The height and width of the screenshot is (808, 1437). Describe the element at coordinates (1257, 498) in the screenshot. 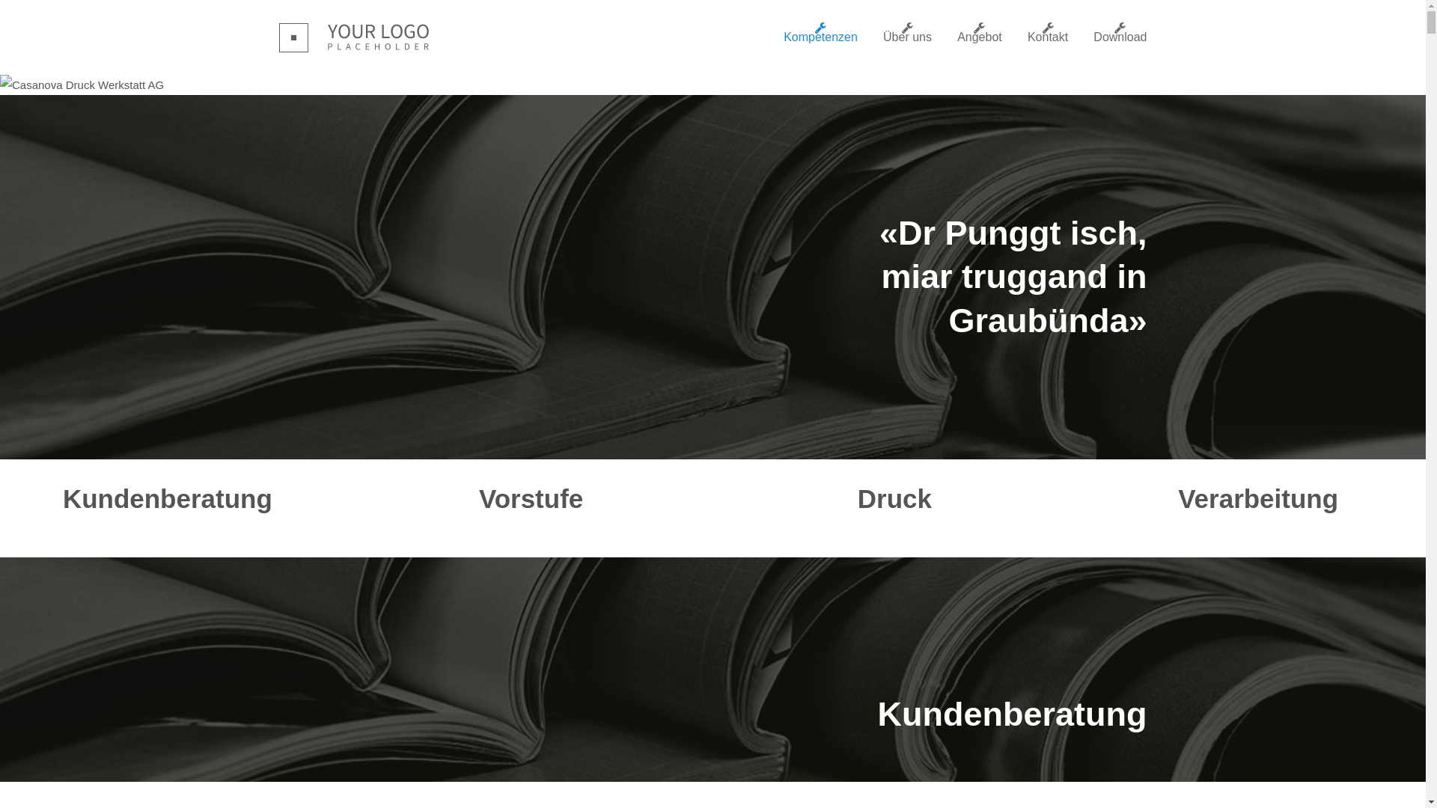

I see `'Verarbeitung'` at that location.